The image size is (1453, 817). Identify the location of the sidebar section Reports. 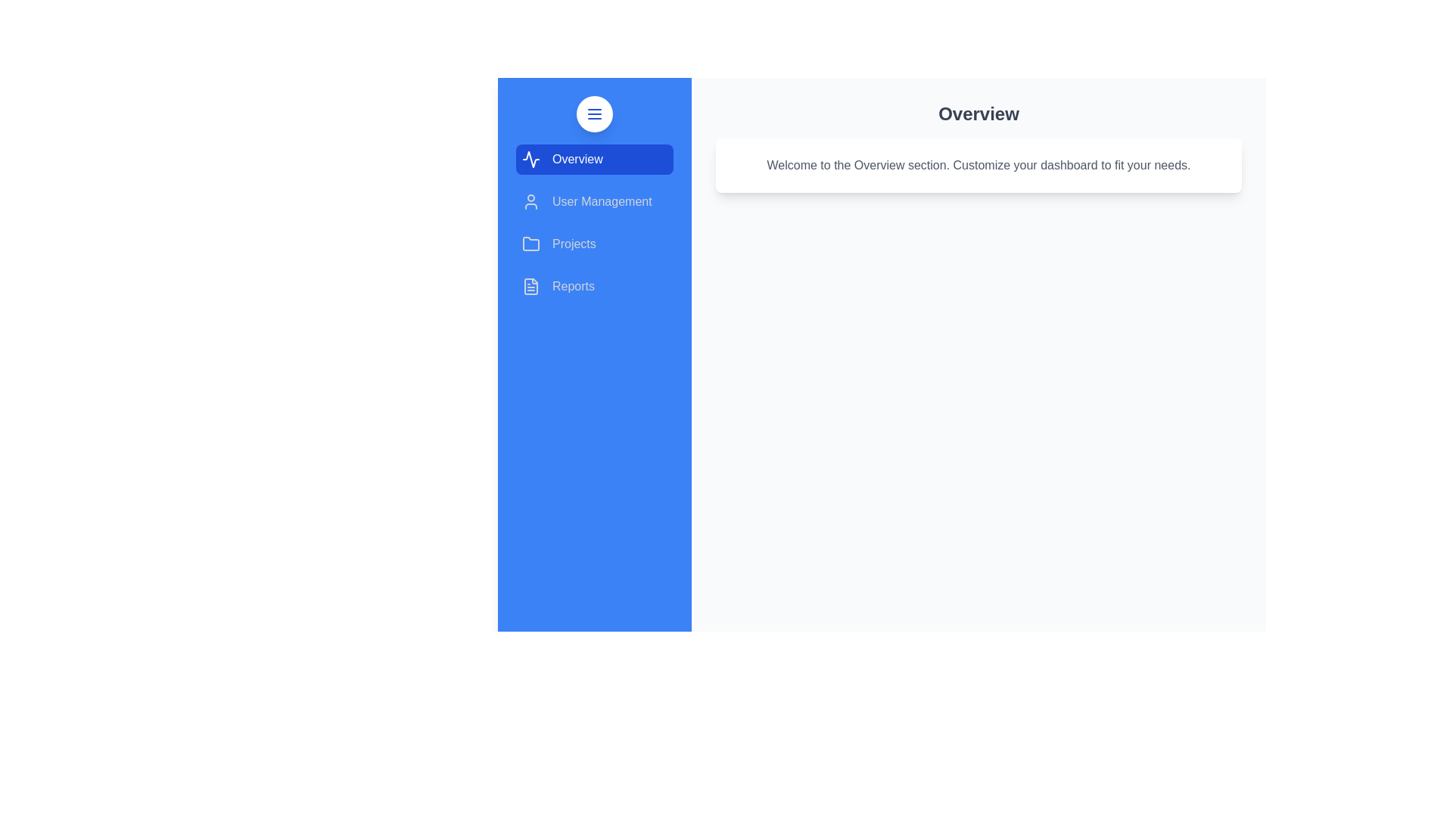
(594, 286).